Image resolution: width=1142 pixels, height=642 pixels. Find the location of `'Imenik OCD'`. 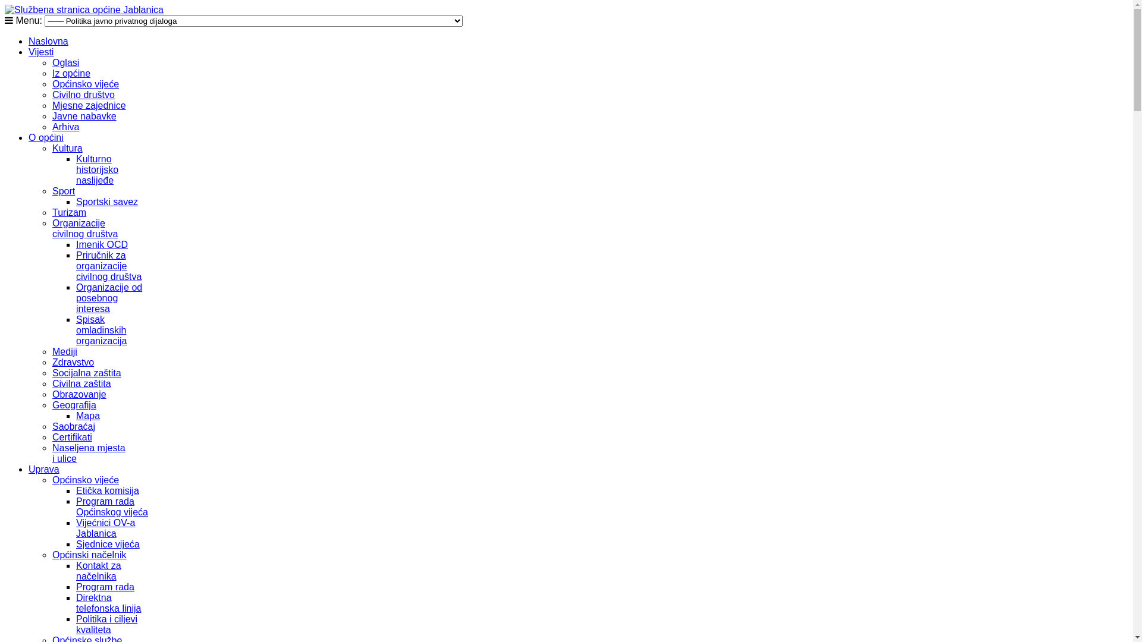

'Imenik OCD' is located at coordinates (76, 244).